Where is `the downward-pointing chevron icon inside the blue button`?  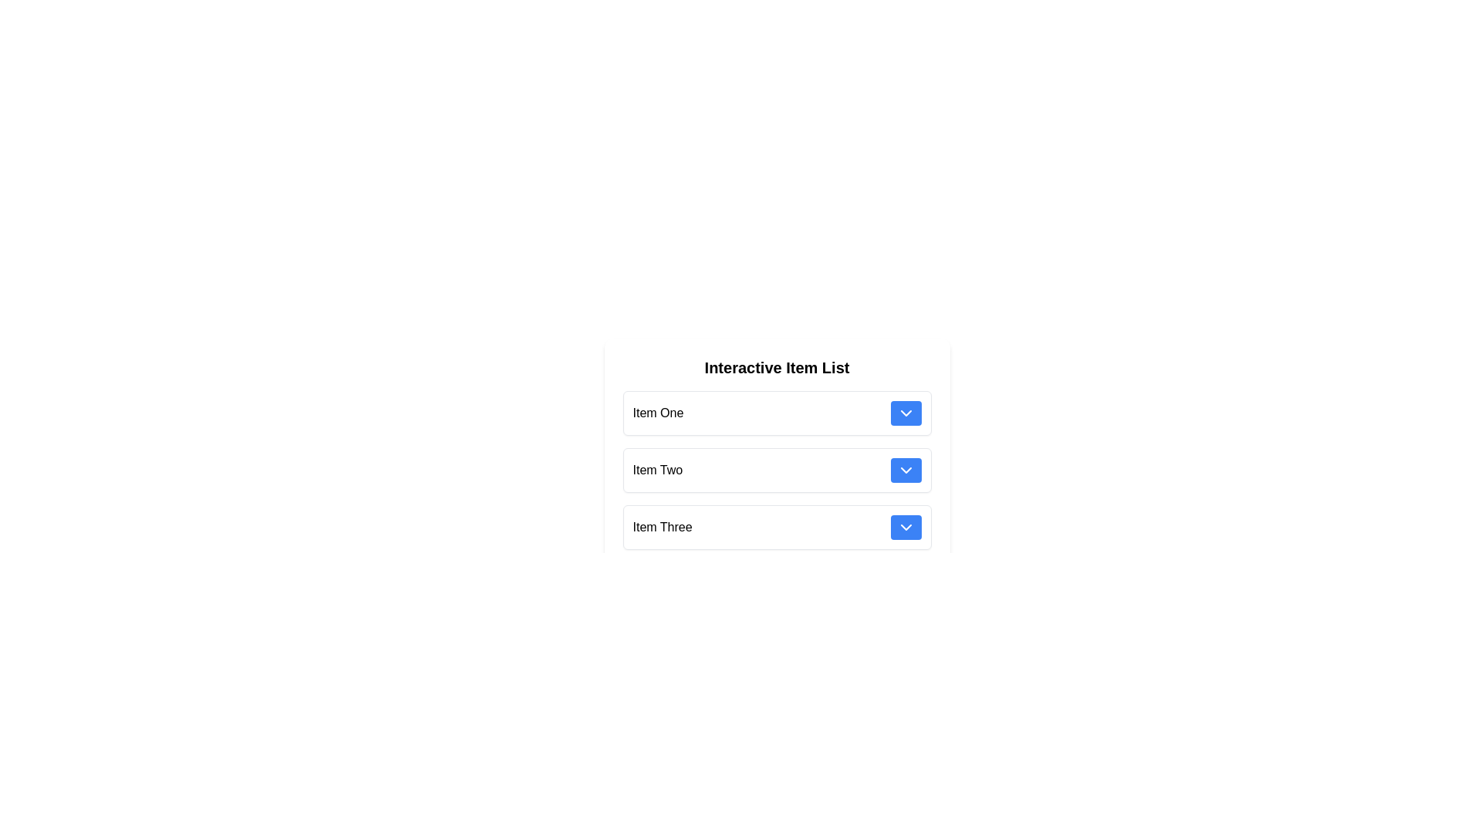 the downward-pointing chevron icon inside the blue button is located at coordinates (906, 413).